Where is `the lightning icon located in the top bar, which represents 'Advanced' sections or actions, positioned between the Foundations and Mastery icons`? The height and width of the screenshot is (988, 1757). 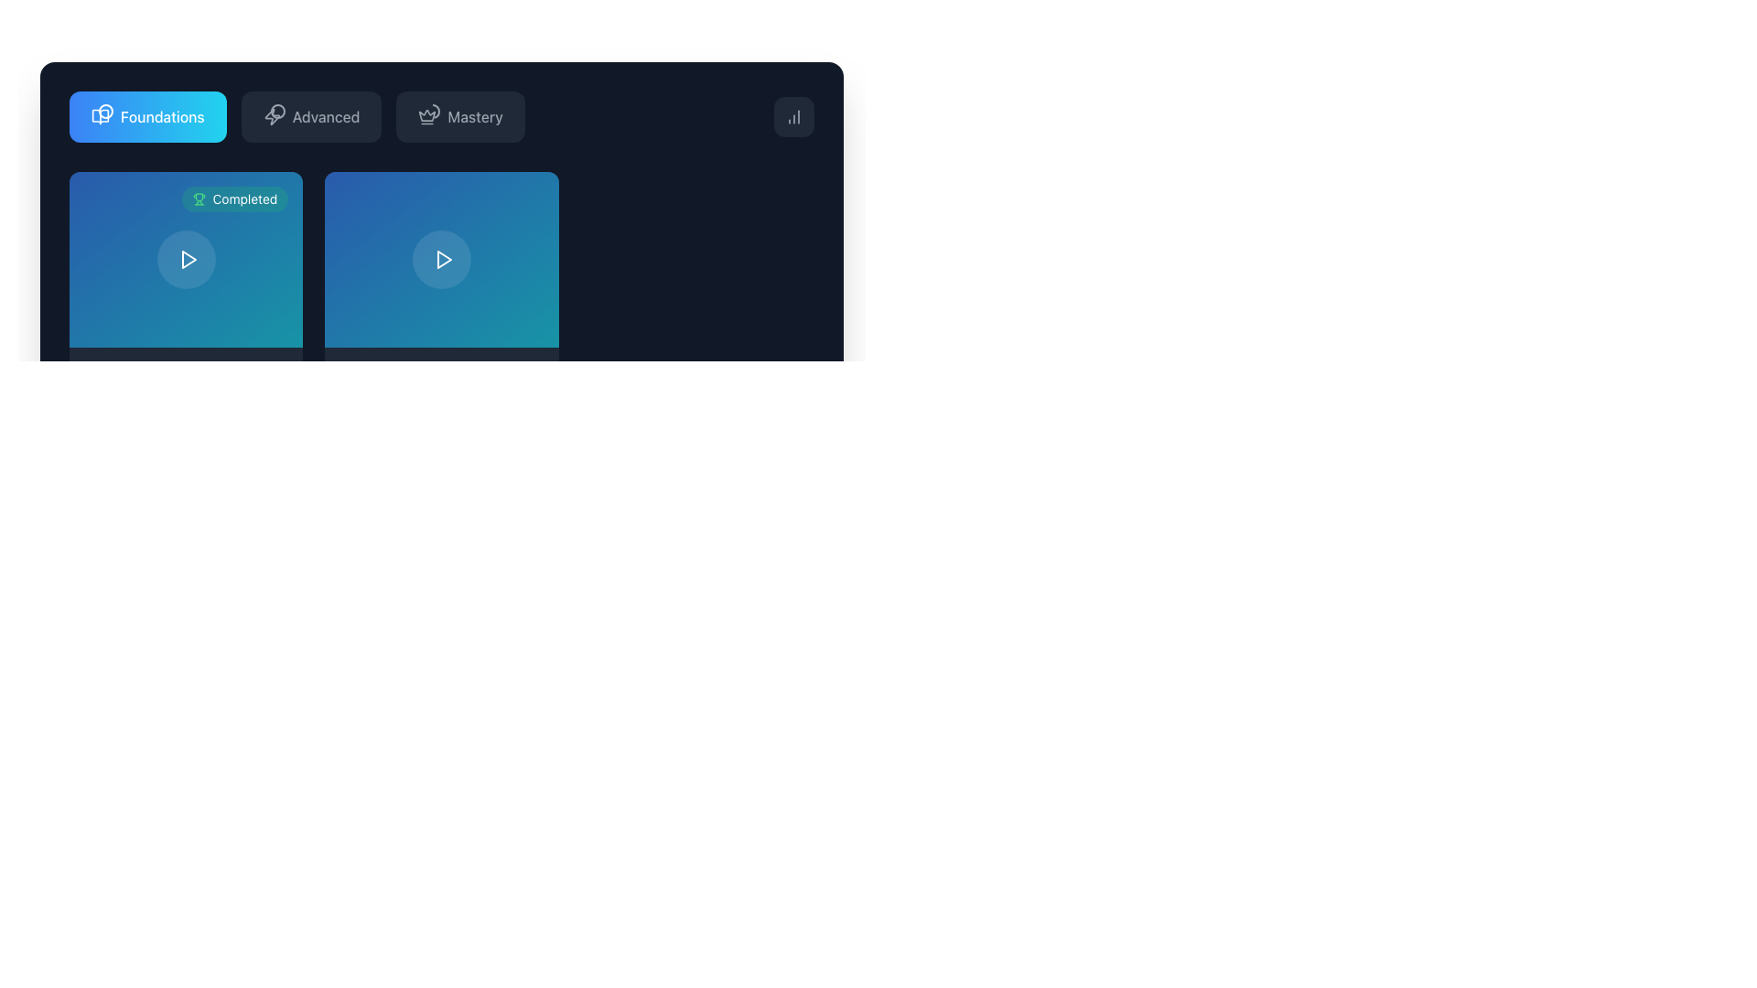 the lightning icon located in the top bar, which represents 'Advanced' sections or actions, positioned between the Foundations and Mastery icons is located at coordinates (271, 116).